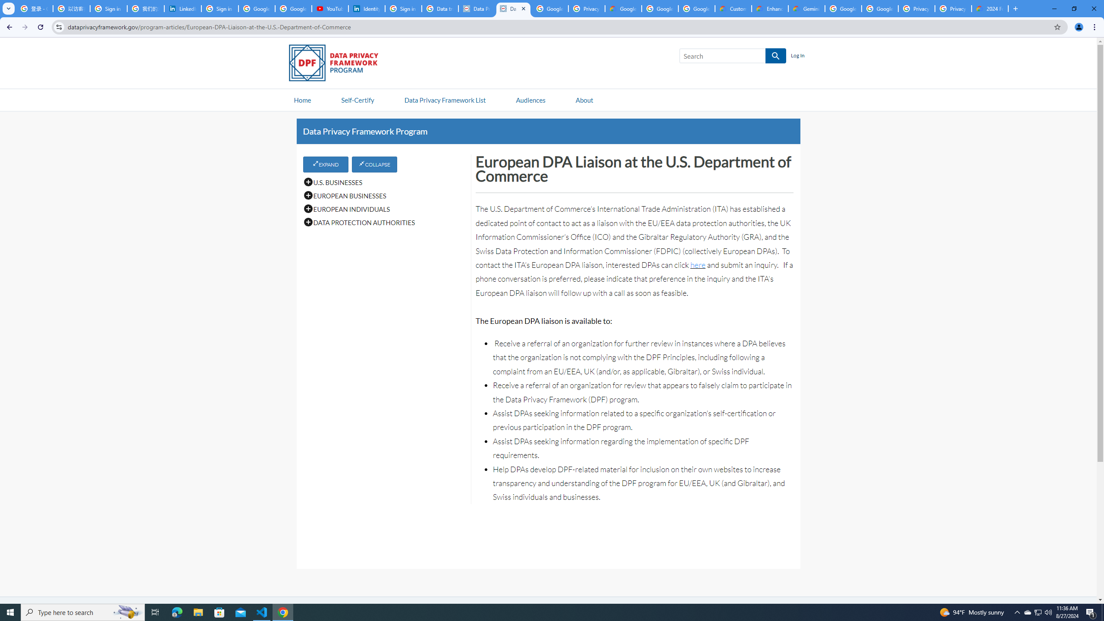 The width and height of the screenshot is (1104, 621). Describe the element at coordinates (624, 8) in the screenshot. I see `'Google Cloud Terms Directory | Google Cloud'` at that location.